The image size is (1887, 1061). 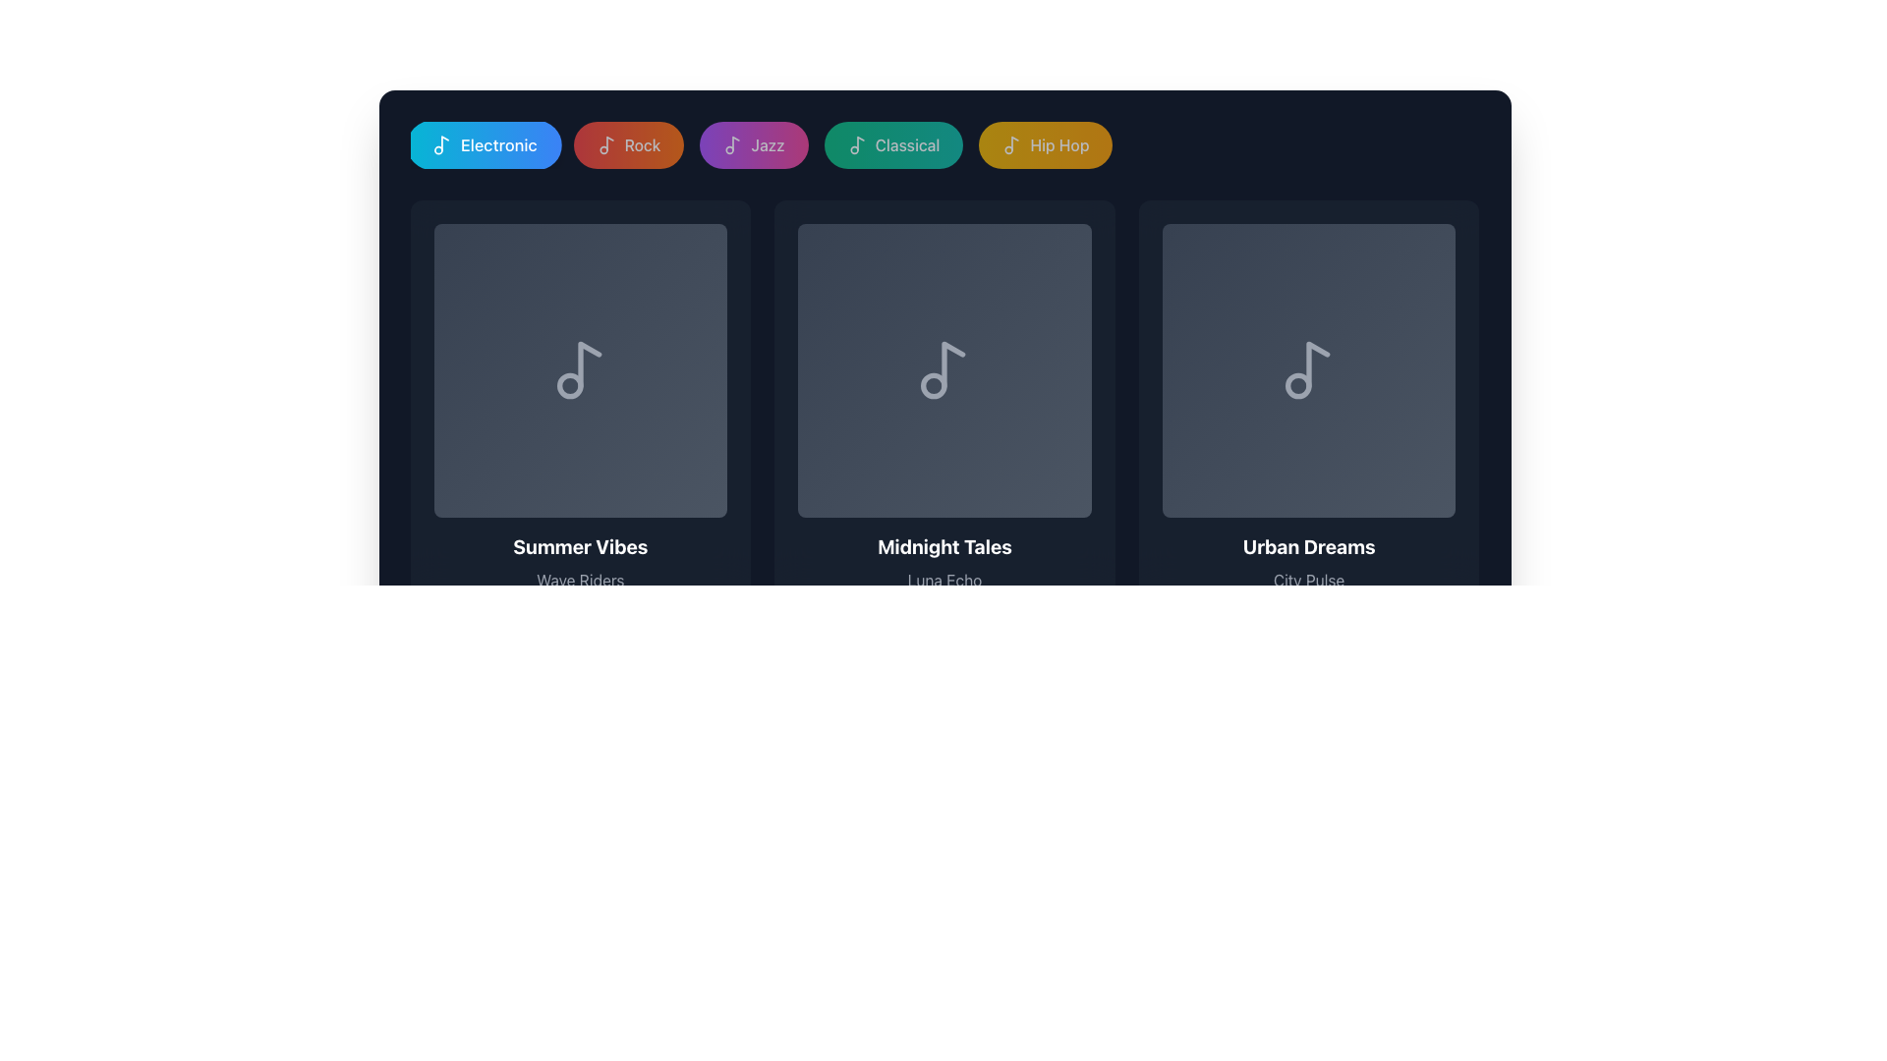 What do you see at coordinates (627, 143) in the screenshot?
I see `the pill-shaped button with a gradient background from red to orange that contains a white musical note icon and the text 'Rock'` at bounding box center [627, 143].